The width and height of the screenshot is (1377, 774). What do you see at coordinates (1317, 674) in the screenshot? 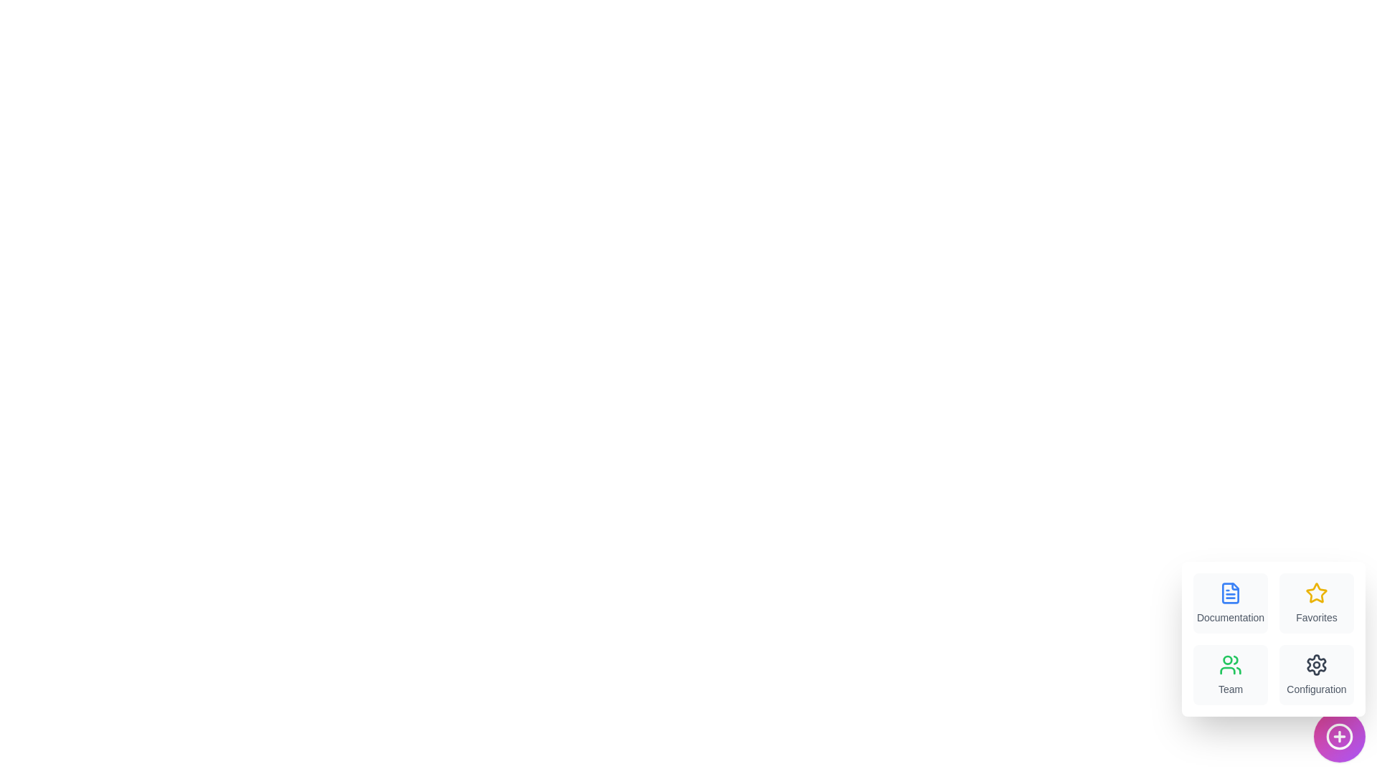
I see `the menu item labeled Configuration to view its hover effect` at bounding box center [1317, 674].